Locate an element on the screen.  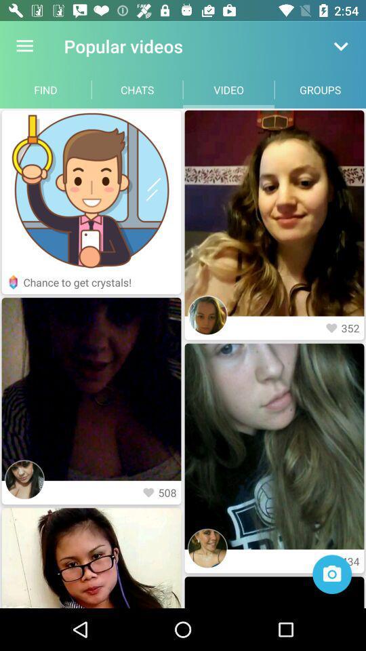
the photo icon is located at coordinates (331, 574).